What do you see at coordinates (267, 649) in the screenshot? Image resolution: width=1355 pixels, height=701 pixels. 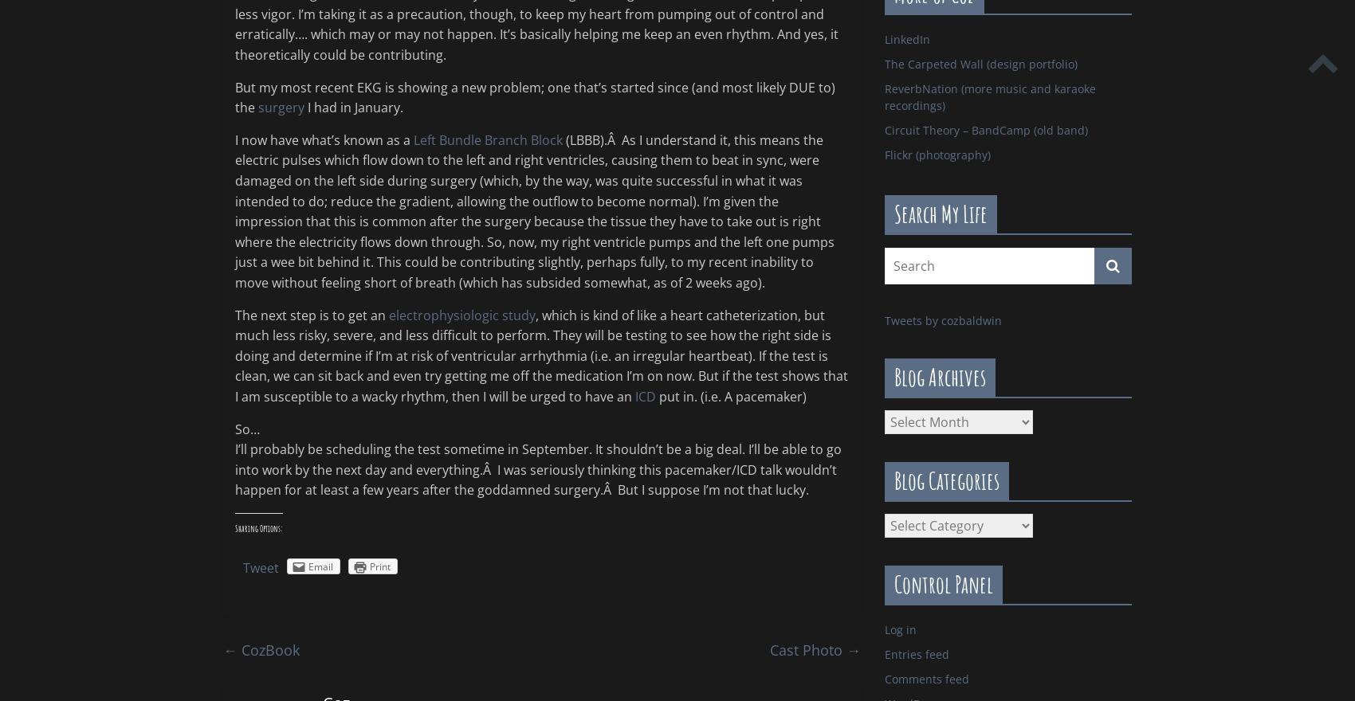 I see `'CozBook'` at bounding box center [267, 649].